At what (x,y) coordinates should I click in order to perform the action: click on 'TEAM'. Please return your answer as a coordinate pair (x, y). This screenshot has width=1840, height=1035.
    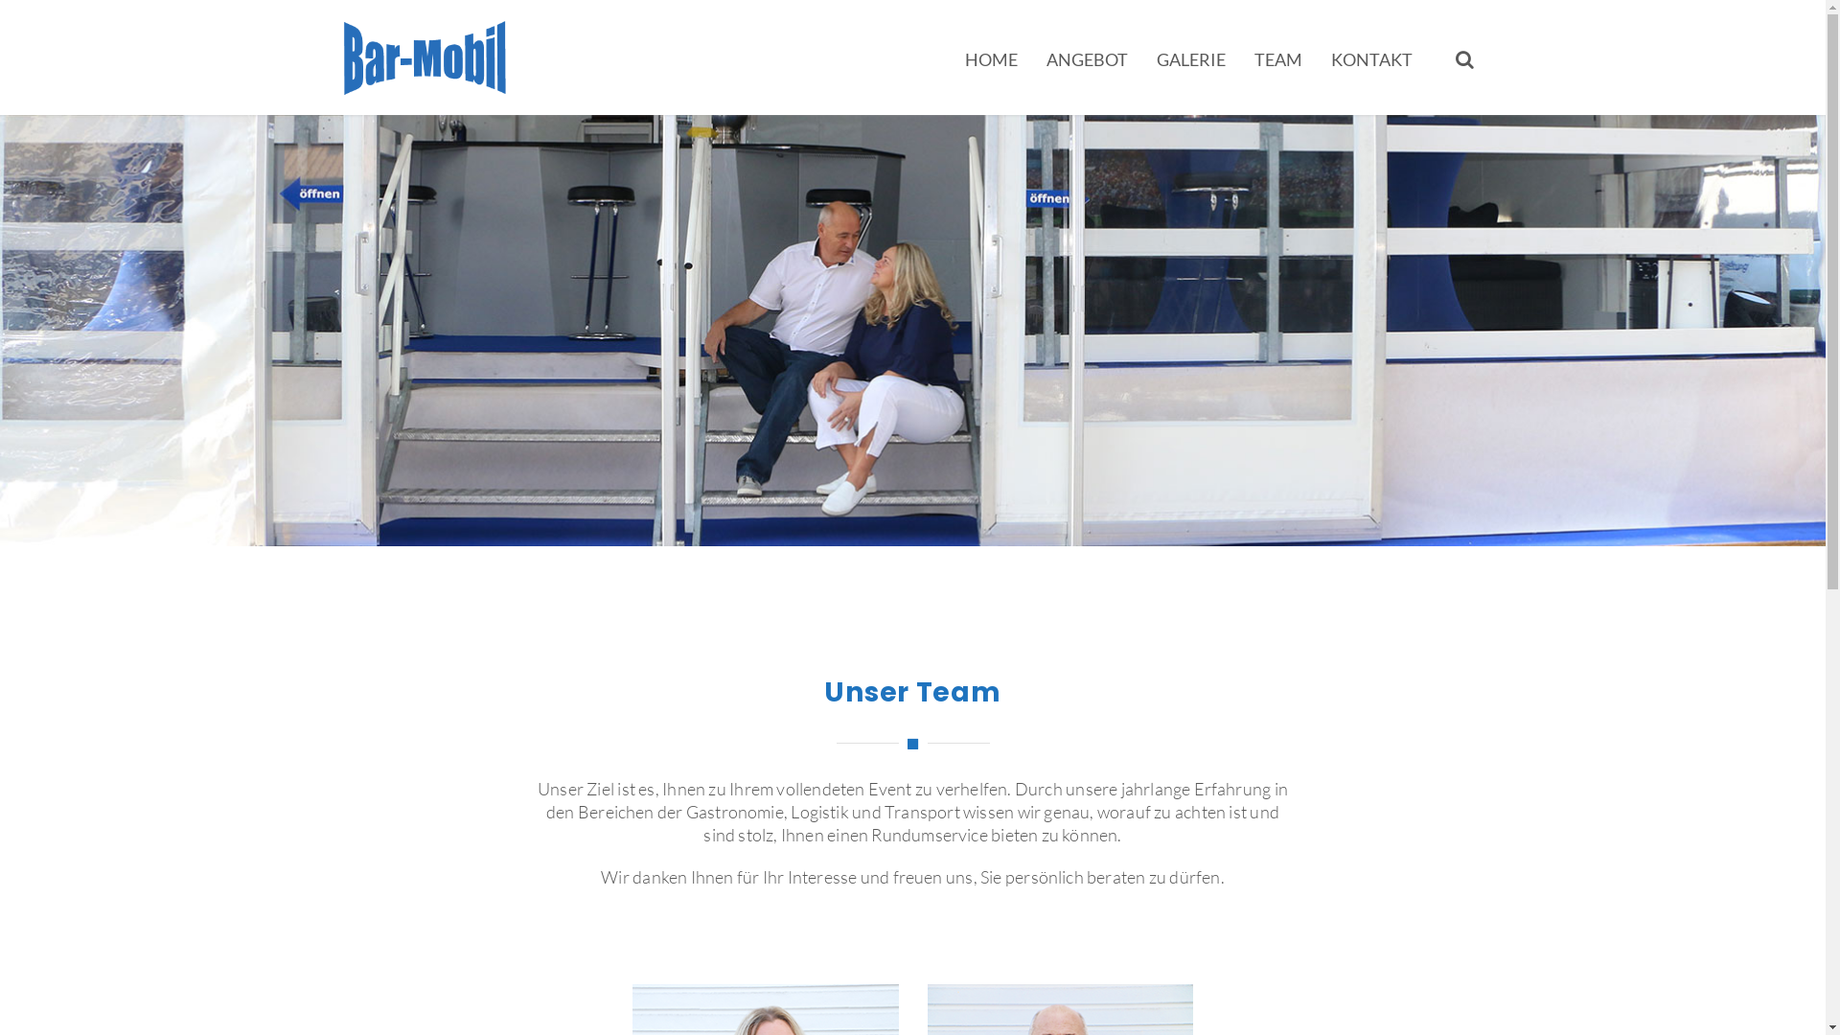
    Looking at the image, I should click on (1278, 57).